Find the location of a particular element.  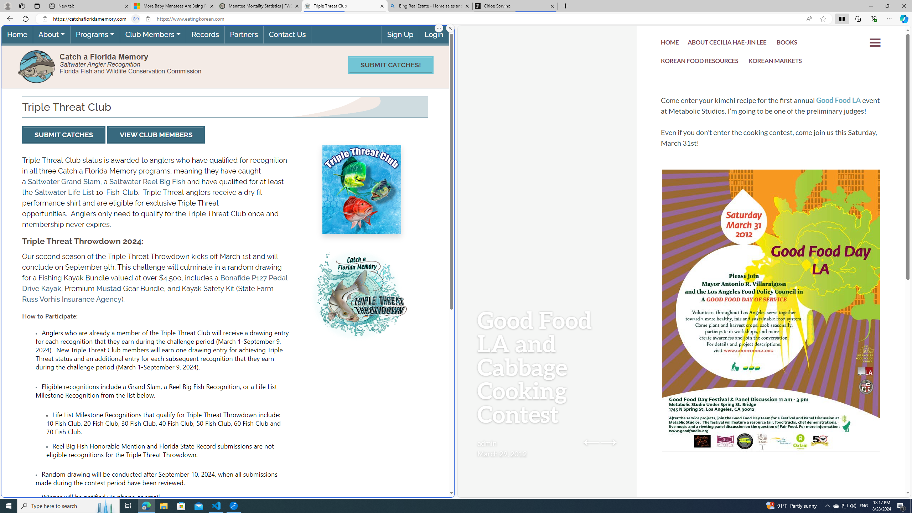

'admin' is located at coordinates (487, 442).